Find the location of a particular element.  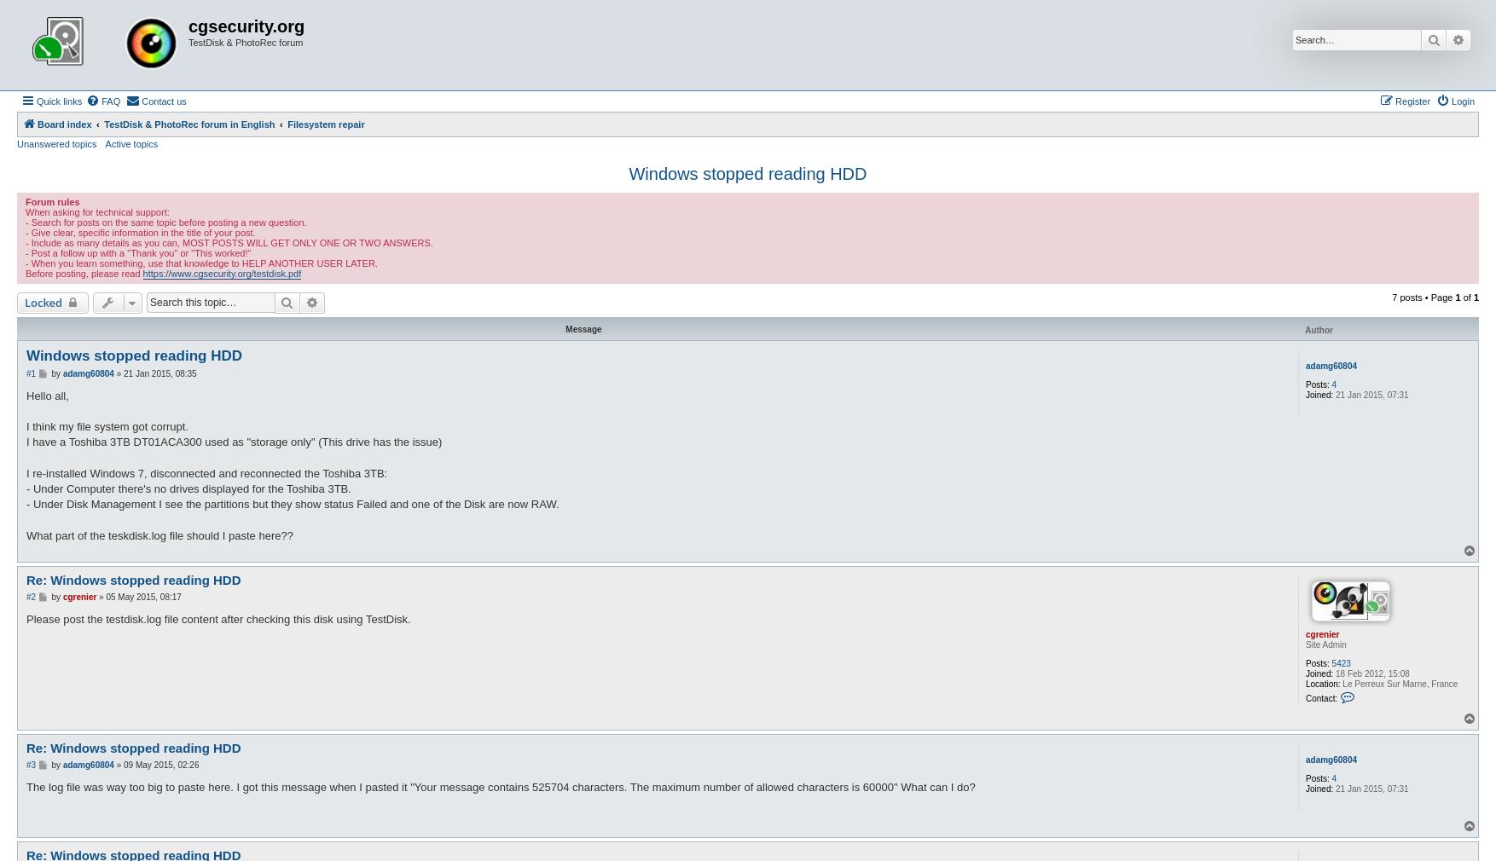

'Login' is located at coordinates (1451, 100).